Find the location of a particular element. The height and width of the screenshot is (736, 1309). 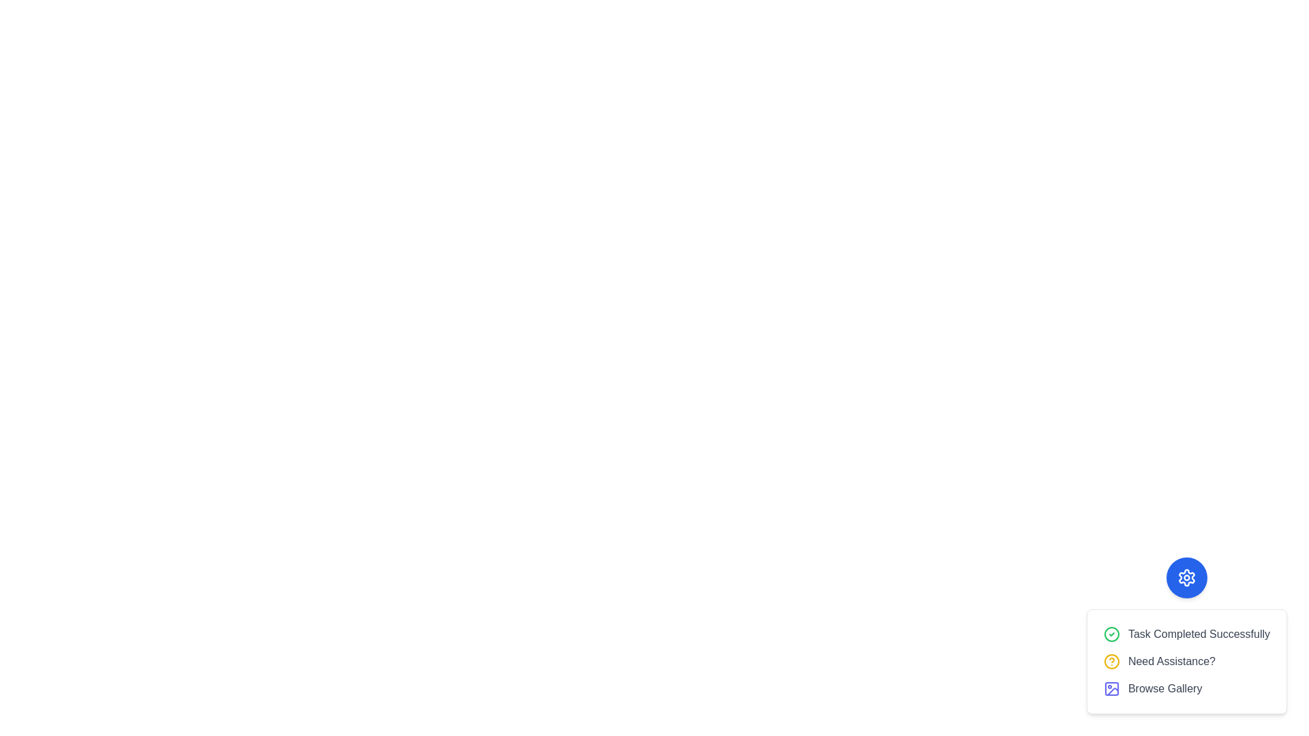

the gear icon in the bottom-right corner of the interface is located at coordinates (1186, 636).